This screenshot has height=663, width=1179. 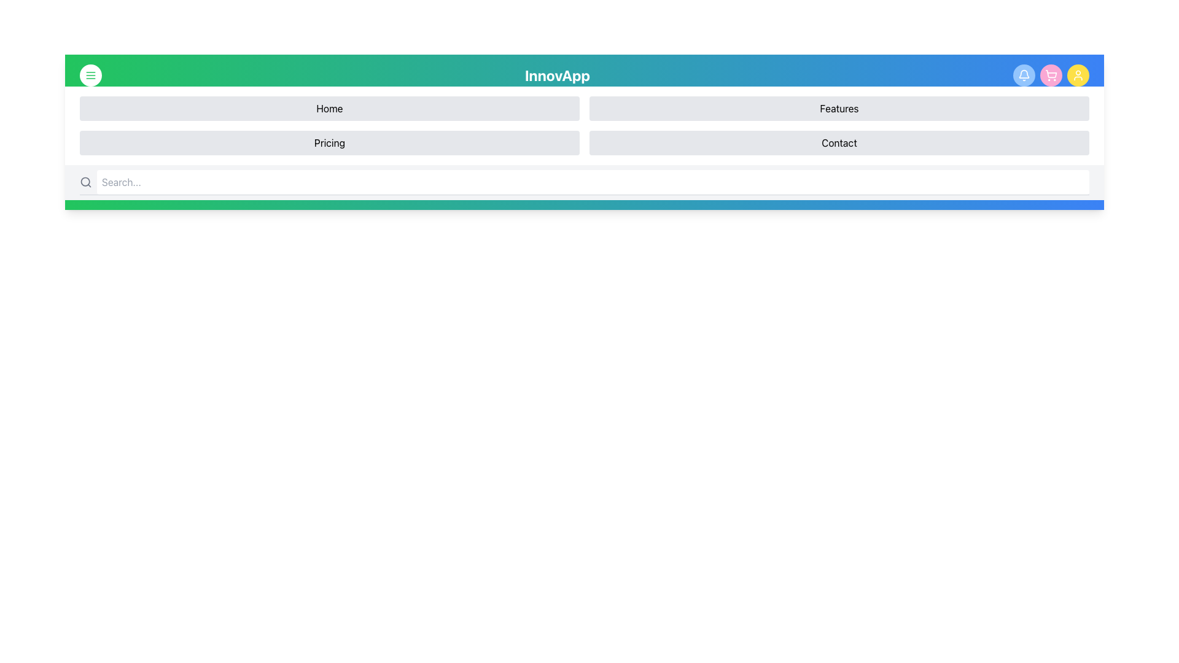 What do you see at coordinates (330, 142) in the screenshot?
I see `the 'Pricing' button, which is a rectangular button with a light gray background and rounded corners, located in the left column of the second row of a two-row grid` at bounding box center [330, 142].